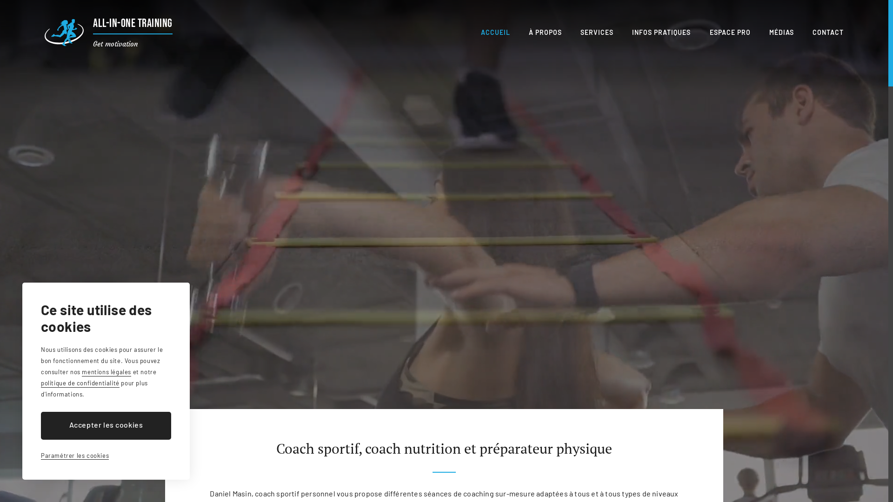  What do you see at coordinates (44, 32) in the screenshot?
I see `'ALL-IN-ONE TRAINING` at bounding box center [44, 32].